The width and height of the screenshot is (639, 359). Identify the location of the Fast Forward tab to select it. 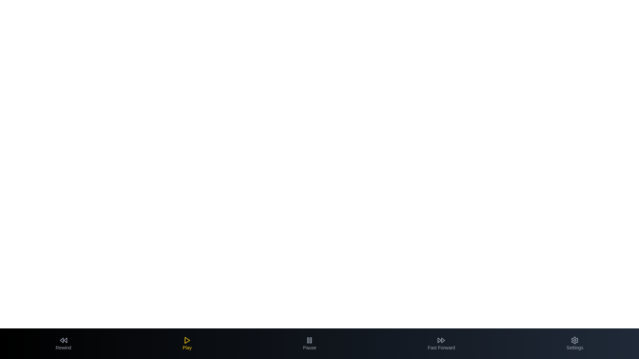
(441, 343).